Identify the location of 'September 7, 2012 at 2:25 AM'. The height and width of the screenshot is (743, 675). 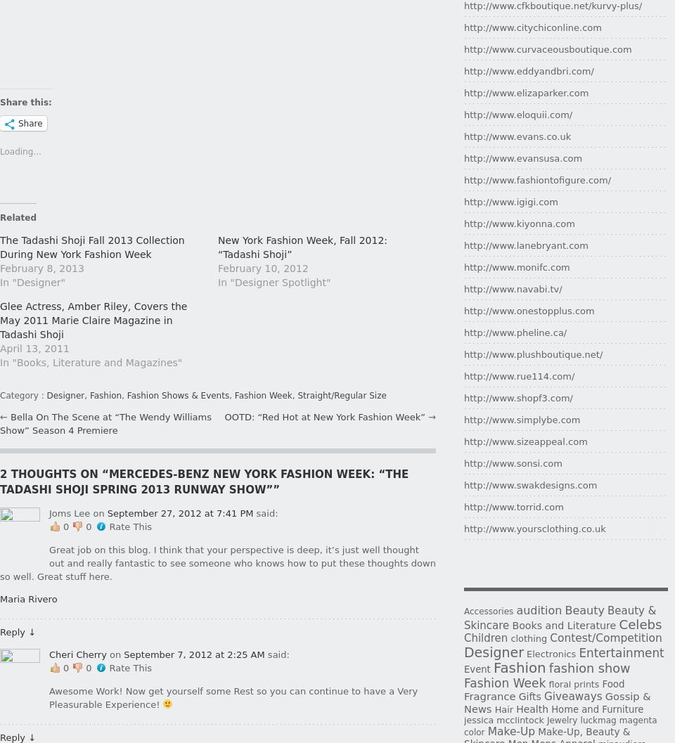
(122, 654).